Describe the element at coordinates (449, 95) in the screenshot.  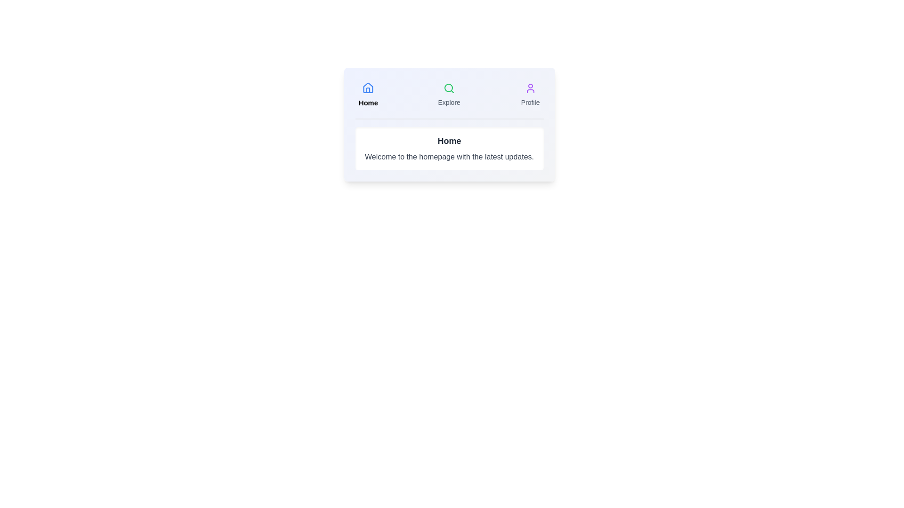
I see `the Explore tab to switch content` at that location.